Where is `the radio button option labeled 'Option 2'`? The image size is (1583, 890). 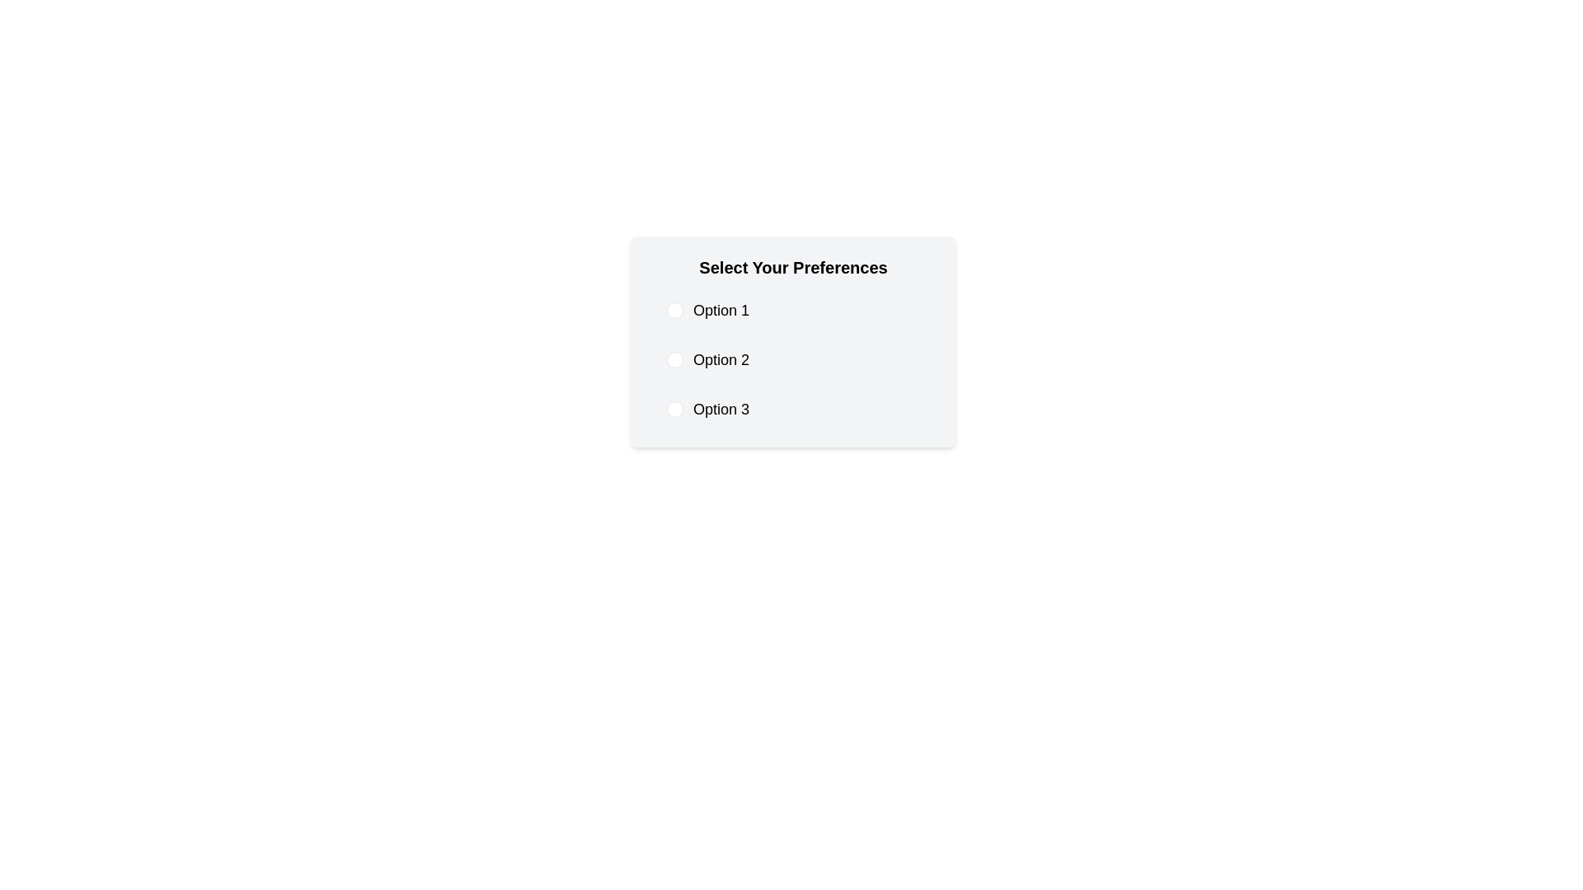
the radio button option labeled 'Option 2' is located at coordinates (793, 358).